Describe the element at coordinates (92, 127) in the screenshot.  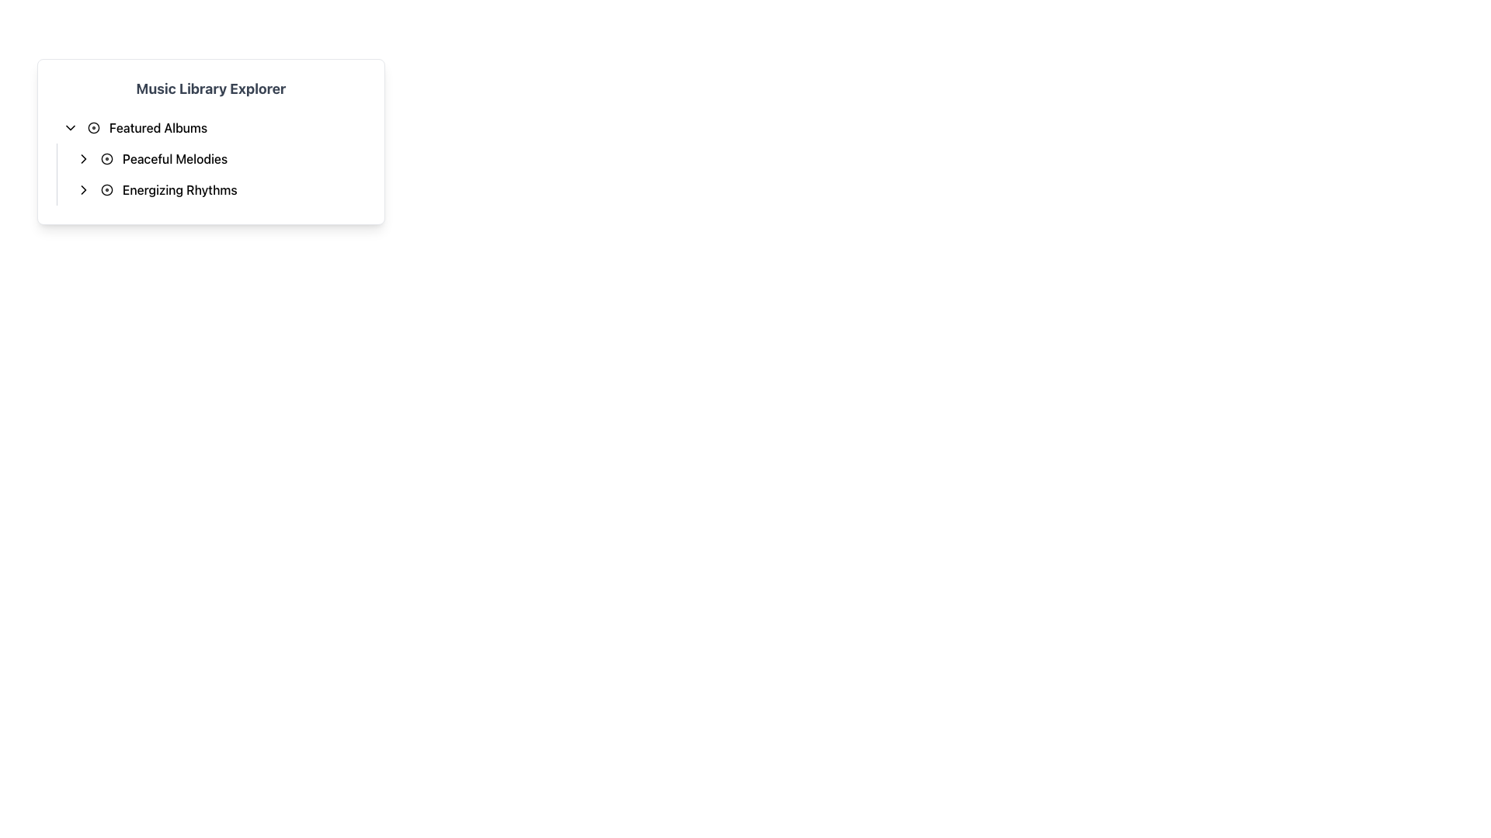
I see `the icon located to the left of the 'Featured Albums' text, which serves as a visual identifier for the section` at that location.